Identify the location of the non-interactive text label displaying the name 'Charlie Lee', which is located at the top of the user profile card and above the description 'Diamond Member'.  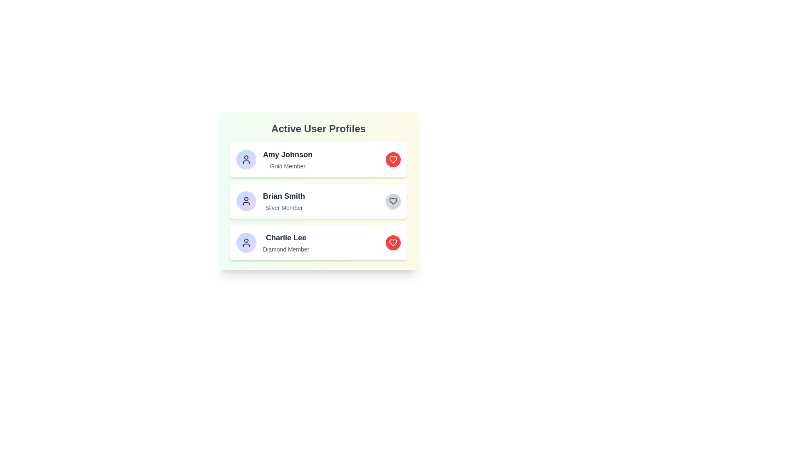
(286, 237).